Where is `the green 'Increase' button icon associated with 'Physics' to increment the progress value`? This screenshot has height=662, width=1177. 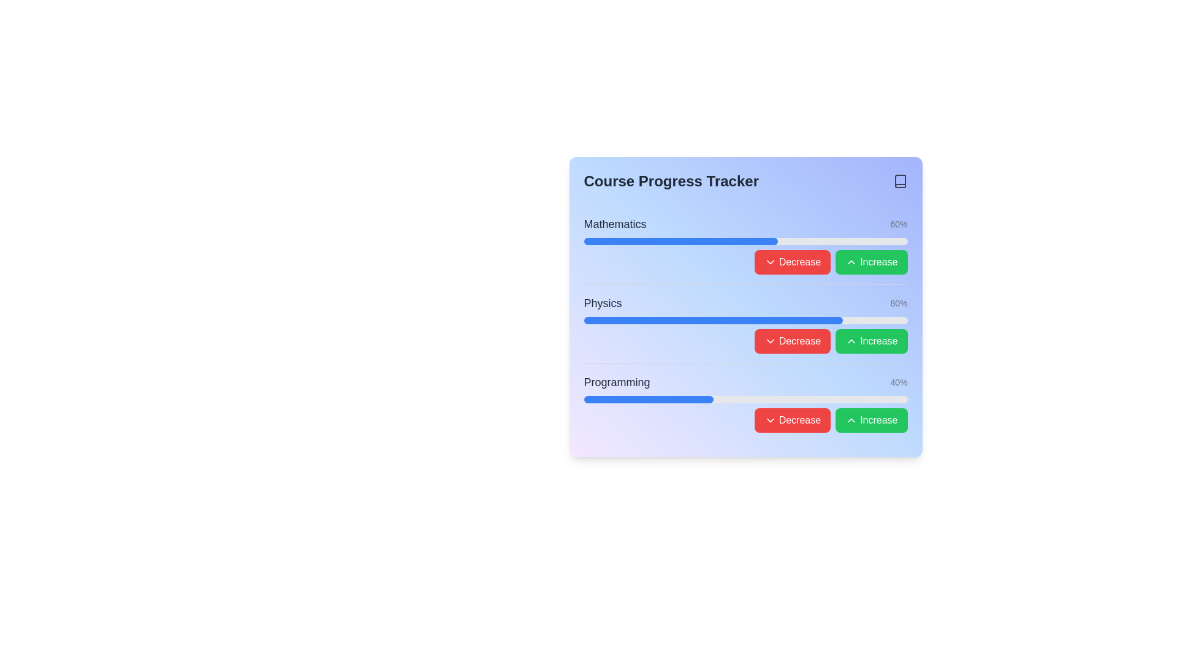
the green 'Increase' button icon associated with 'Physics' to increment the progress value is located at coordinates (850, 341).